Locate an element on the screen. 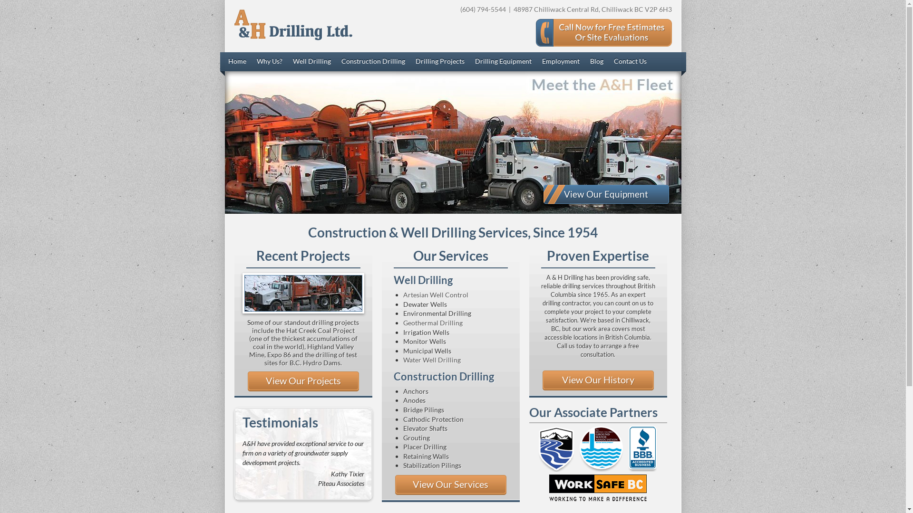 The width and height of the screenshot is (913, 513). 'View Our Projects' is located at coordinates (302, 380).